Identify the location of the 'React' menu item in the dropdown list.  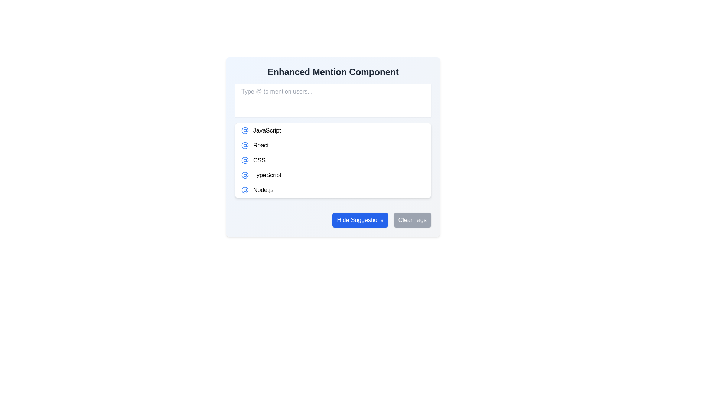
(333, 146).